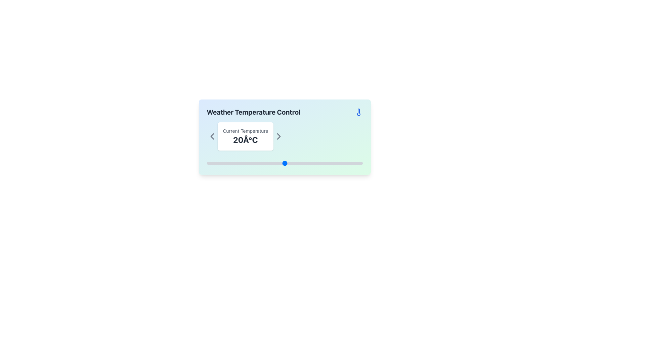  Describe the element at coordinates (285, 163) in the screenshot. I see `temperature` at that location.